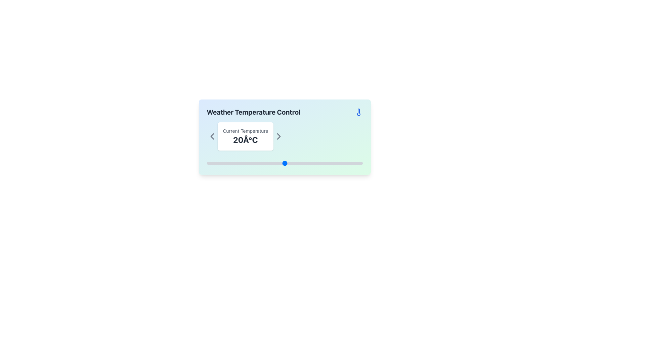  Describe the element at coordinates (285, 163) in the screenshot. I see `temperature` at that location.